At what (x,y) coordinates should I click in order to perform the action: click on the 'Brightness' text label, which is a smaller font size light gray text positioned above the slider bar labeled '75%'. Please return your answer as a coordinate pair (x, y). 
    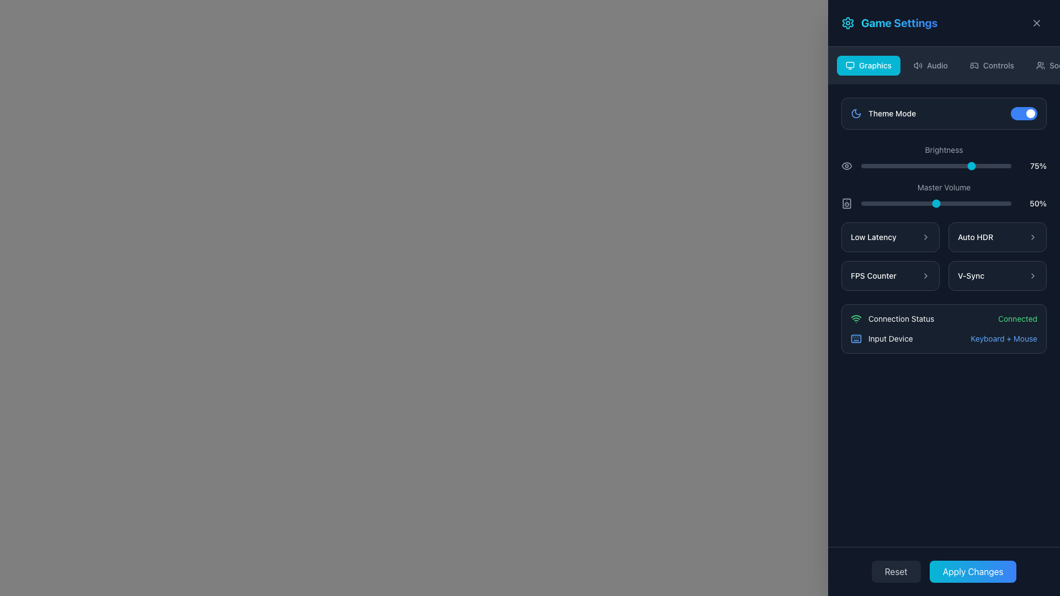
    Looking at the image, I should click on (943, 150).